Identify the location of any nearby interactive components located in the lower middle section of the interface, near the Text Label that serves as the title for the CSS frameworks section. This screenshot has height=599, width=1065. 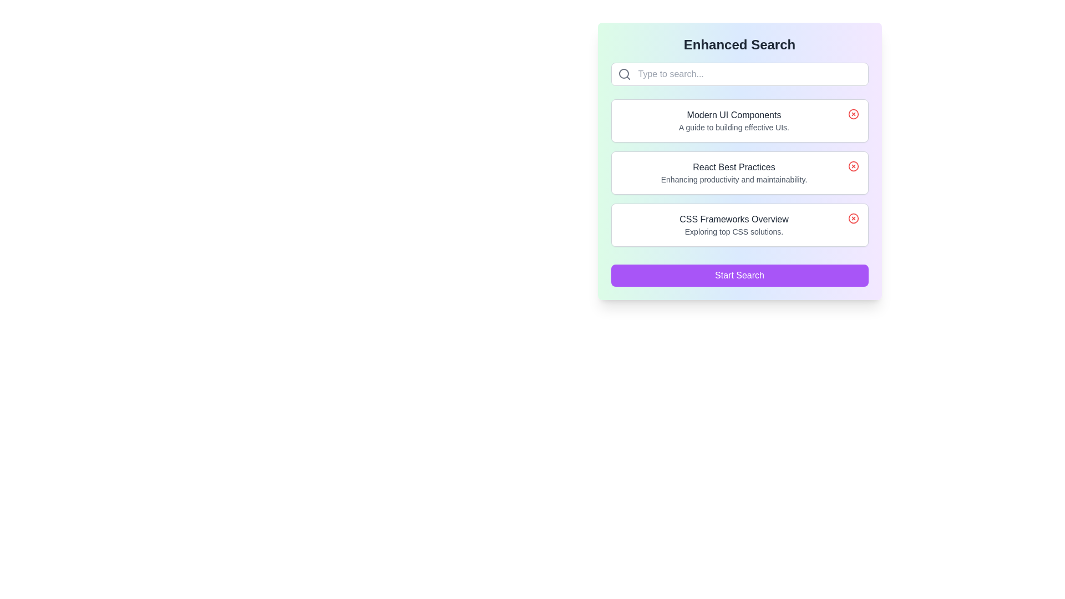
(734, 220).